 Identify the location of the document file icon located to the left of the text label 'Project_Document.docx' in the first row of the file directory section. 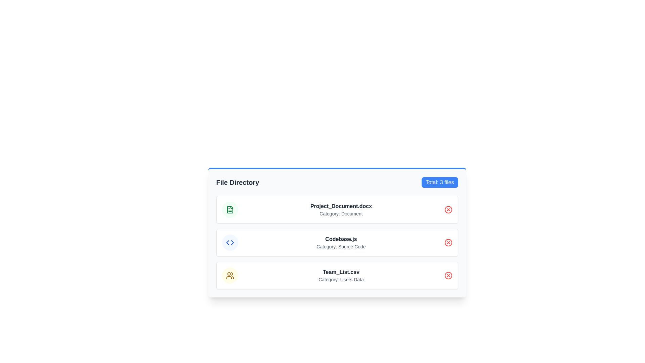
(230, 209).